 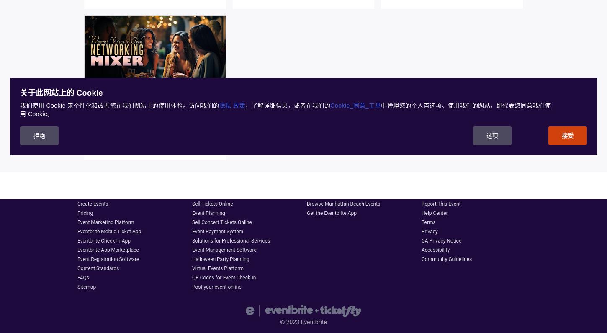 I want to click on 'Event Registration Software', so click(x=108, y=259).